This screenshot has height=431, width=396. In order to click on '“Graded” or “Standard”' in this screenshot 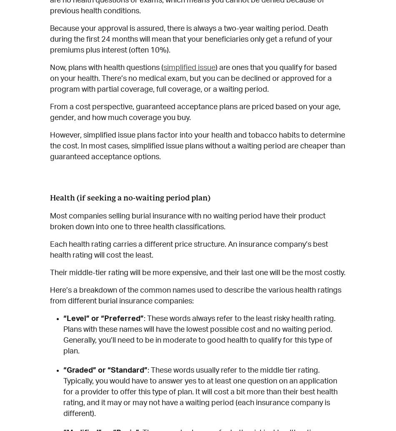, I will do `click(63, 370)`.